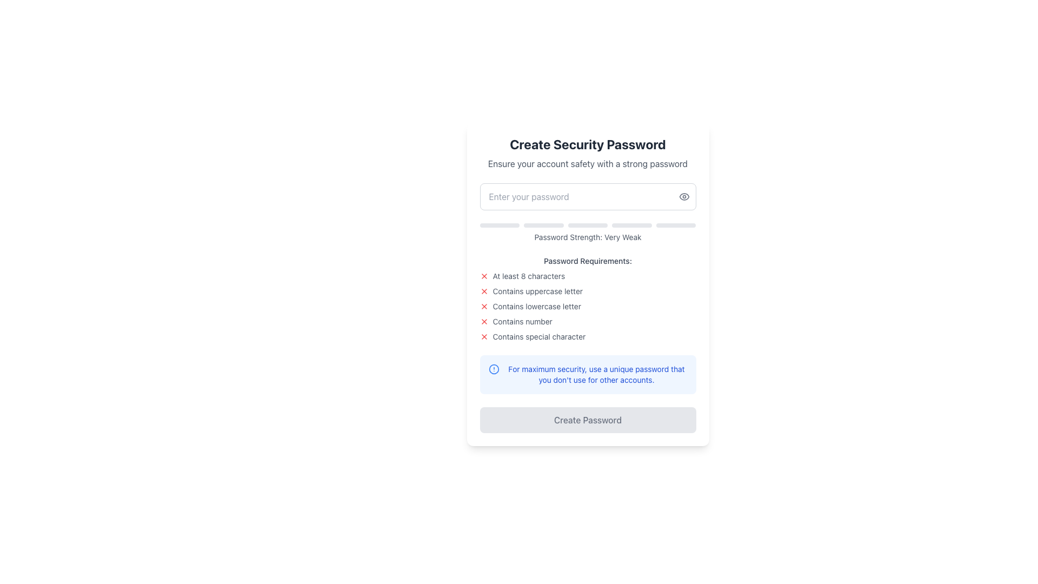 This screenshot has height=584, width=1038. What do you see at coordinates (537, 307) in the screenshot?
I see `the password requirement text indicating that the password must include a lowercase letter, positioned below 'Contains uppercase letter' and above 'Contains number'` at bounding box center [537, 307].